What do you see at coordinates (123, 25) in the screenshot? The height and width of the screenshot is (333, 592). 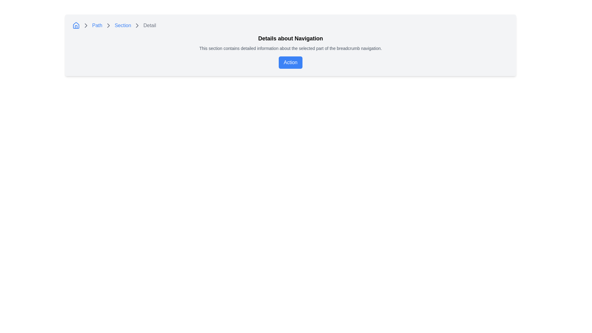 I see `the 'Section' hyperlink in the breadcrumb navigation` at bounding box center [123, 25].